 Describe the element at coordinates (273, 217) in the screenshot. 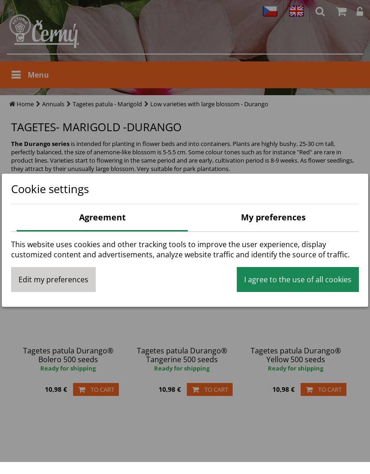

I see `'My preferences'` at that location.